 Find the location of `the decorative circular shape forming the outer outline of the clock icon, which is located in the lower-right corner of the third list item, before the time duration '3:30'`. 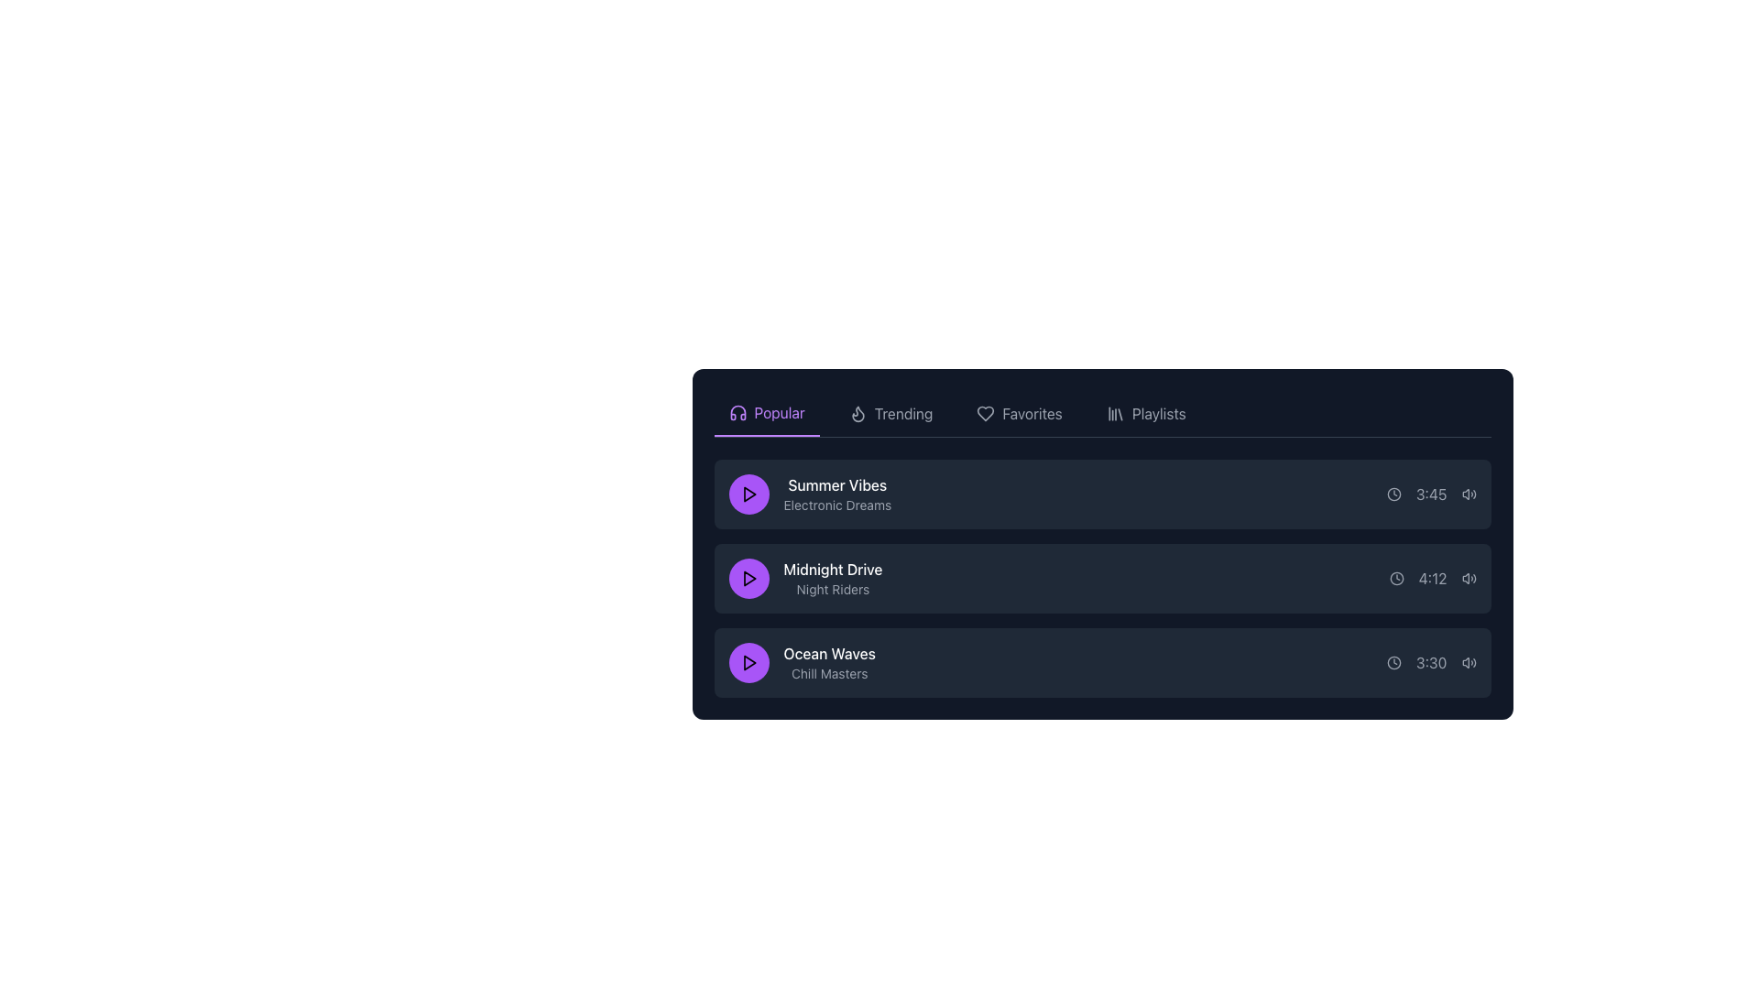

the decorative circular shape forming the outer outline of the clock icon, which is located in the lower-right corner of the third list item, before the time duration '3:30' is located at coordinates (1393, 663).